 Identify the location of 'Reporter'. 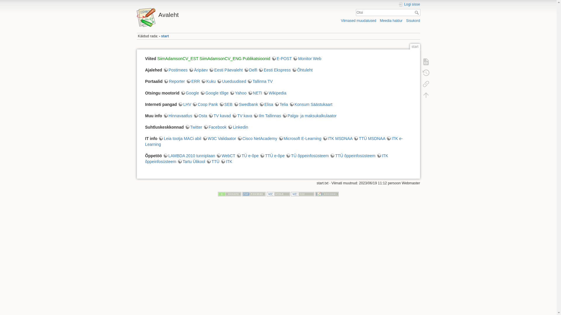
(174, 81).